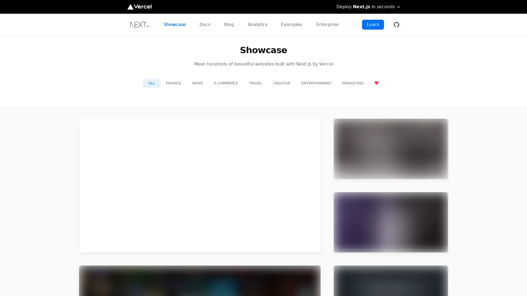 This screenshot has height=296, width=527. What do you see at coordinates (391, 222) in the screenshot?
I see `preview for Twitch Twitch https://m.twitch.tv` at bounding box center [391, 222].